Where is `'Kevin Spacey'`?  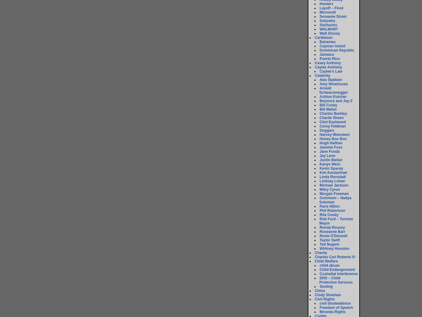 'Kevin Spacey' is located at coordinates (319, 168).